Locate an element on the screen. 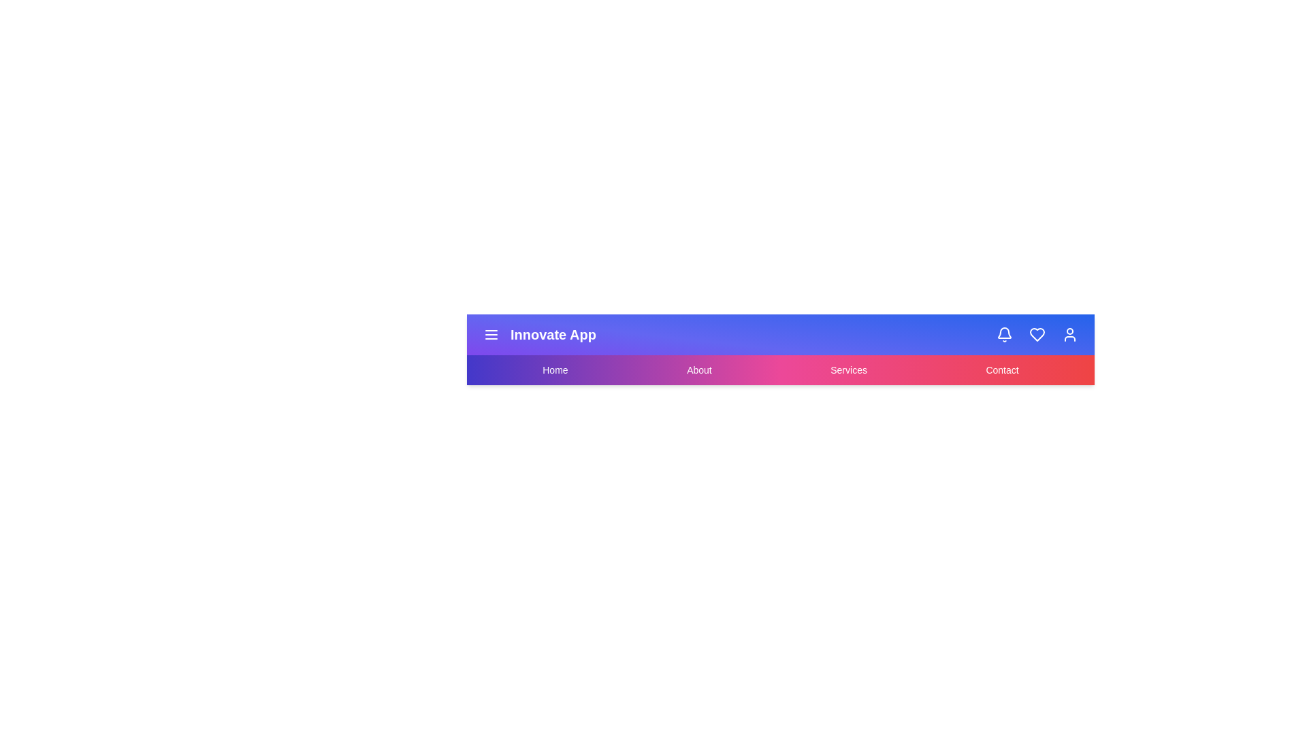 The image size is (1307, 735). the user icon in the top-right corner of the app bar is located at coordinates (1069, 335).